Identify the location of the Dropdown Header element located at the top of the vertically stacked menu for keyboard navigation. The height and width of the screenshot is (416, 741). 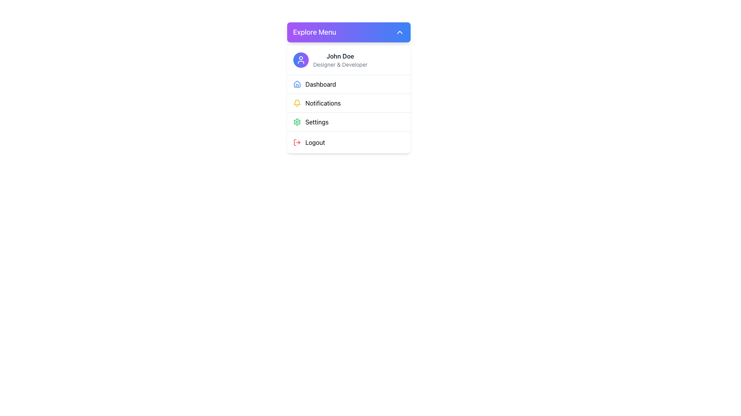
(348, 32).